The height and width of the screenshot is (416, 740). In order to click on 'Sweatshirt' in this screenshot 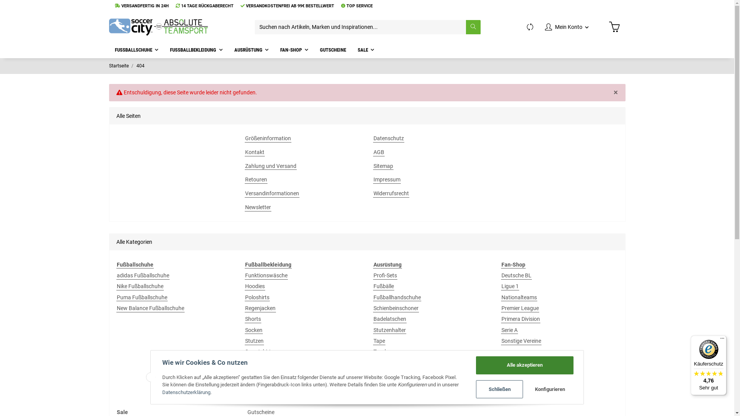, I will do `click(258, 352)`.